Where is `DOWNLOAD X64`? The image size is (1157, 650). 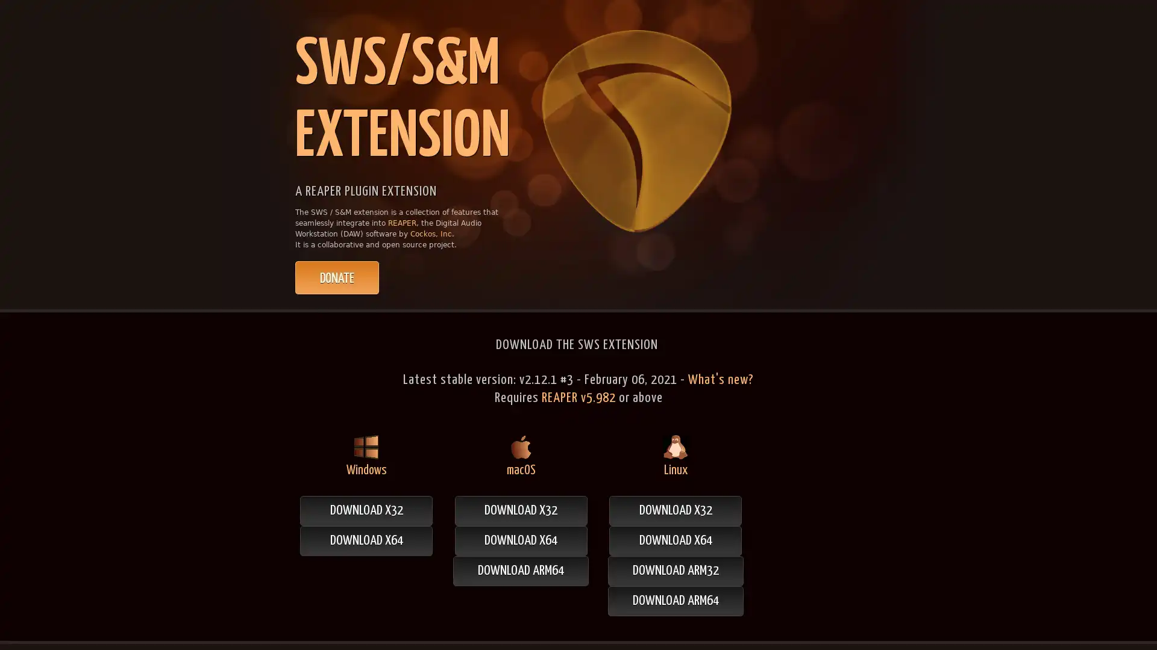
DOWNLOAD X64 is located at coordinates (771, 540).